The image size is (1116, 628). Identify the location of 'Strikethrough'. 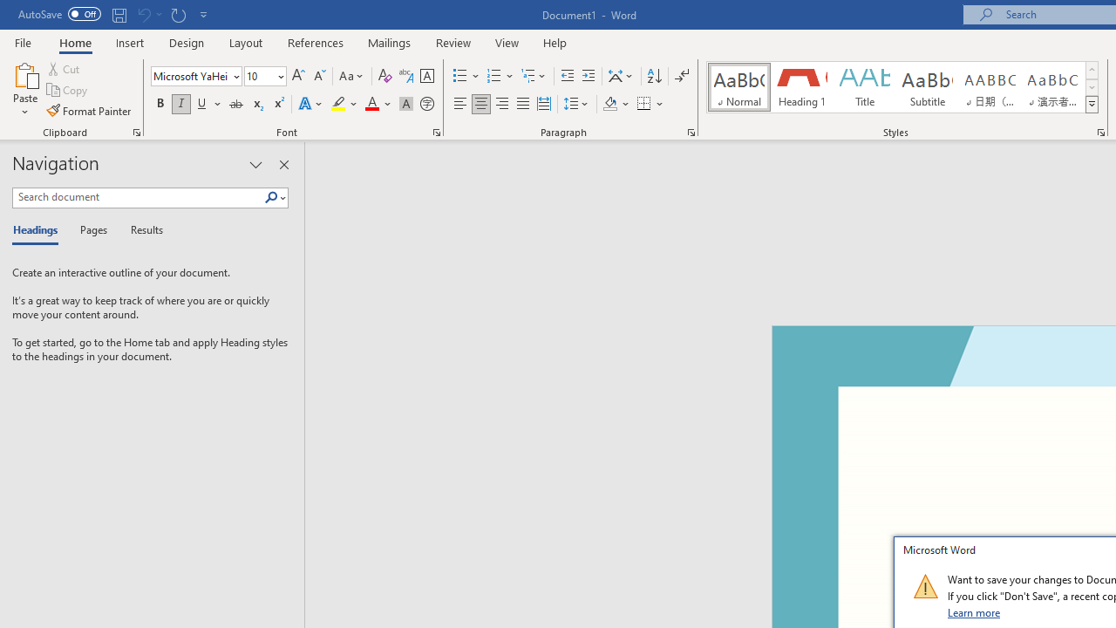
(235, 104).